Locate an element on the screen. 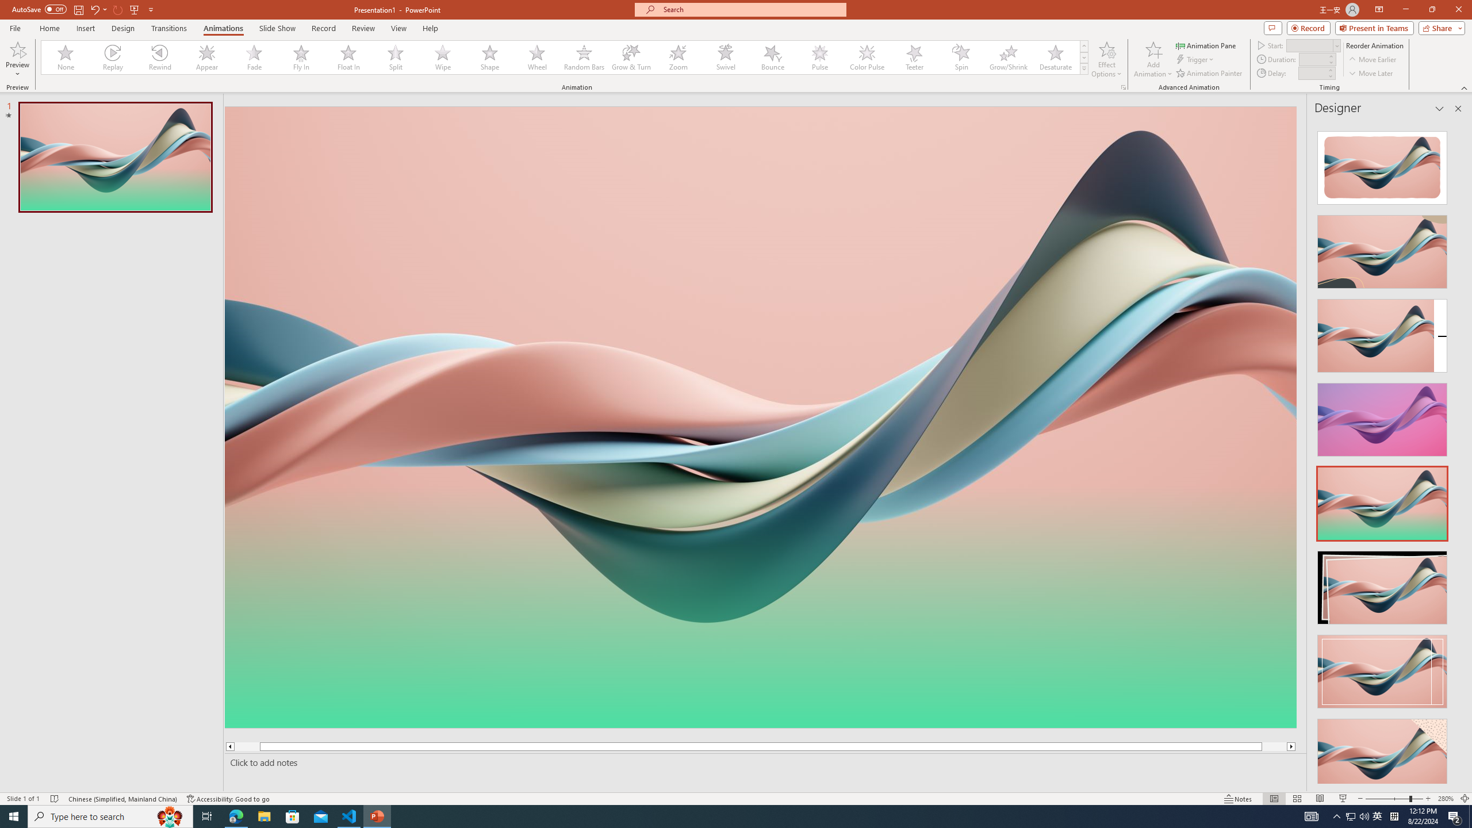 The height and width of the screenshot is (828, 1472). 'Replay' is located at coordinates (113, 57).